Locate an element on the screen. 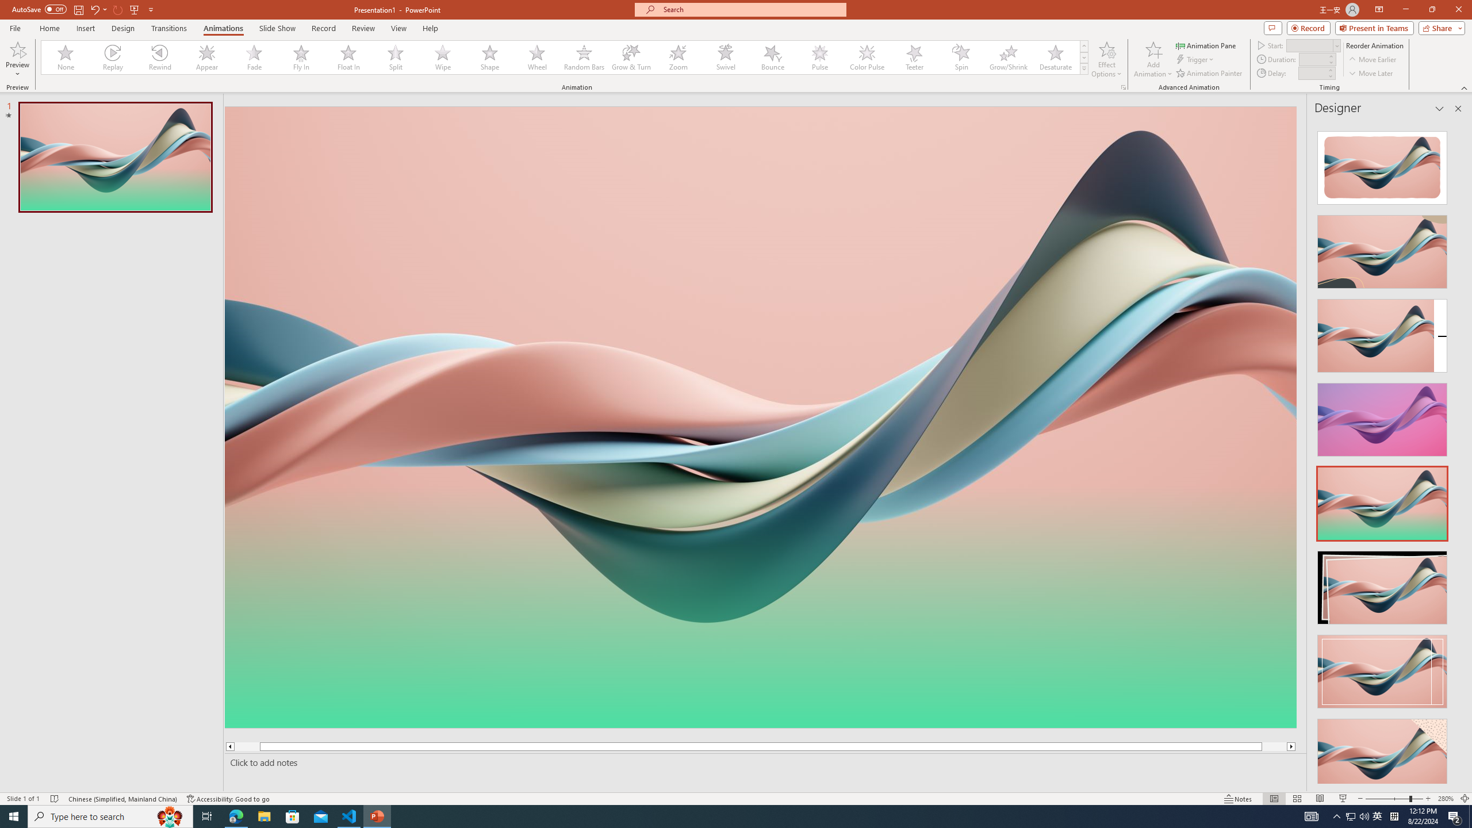 The height and width of the screenshot is (828, 1472). 'Replay' is located at coordinates (113, 57).